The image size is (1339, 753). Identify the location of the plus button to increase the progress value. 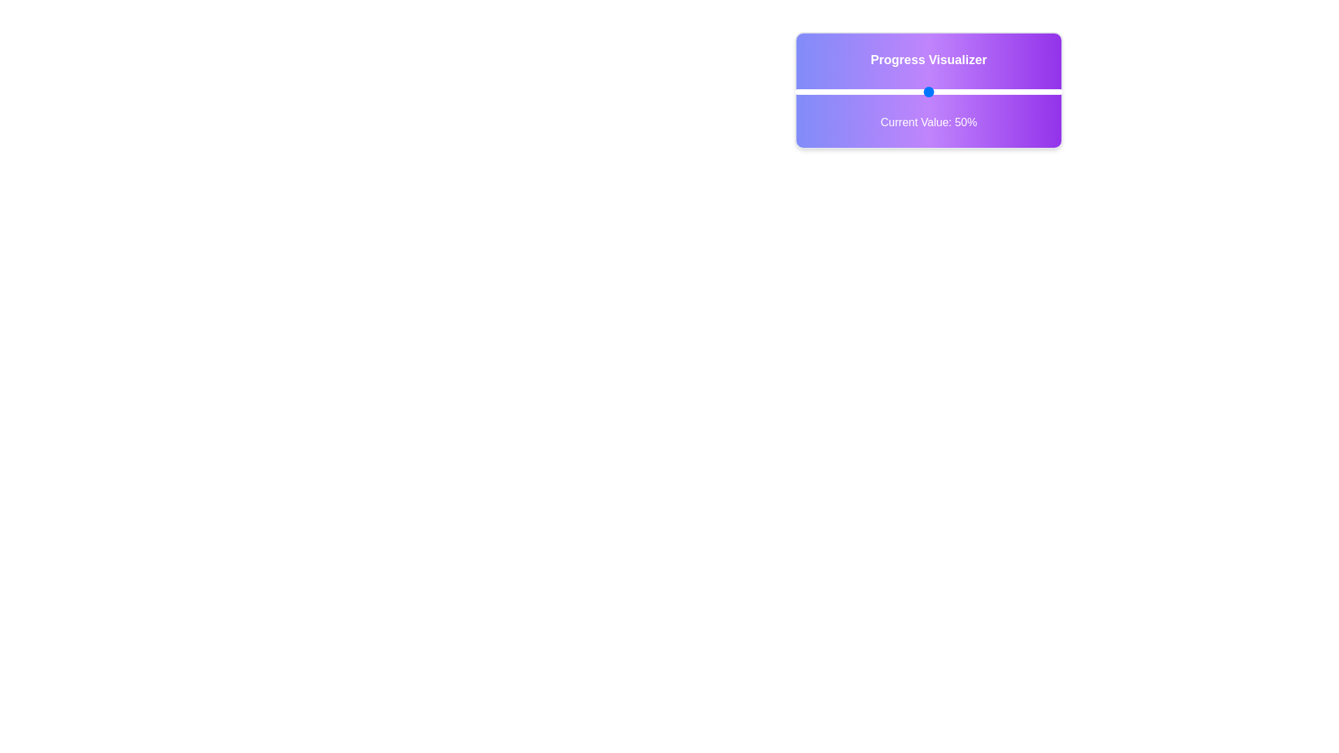
(1084, 91).